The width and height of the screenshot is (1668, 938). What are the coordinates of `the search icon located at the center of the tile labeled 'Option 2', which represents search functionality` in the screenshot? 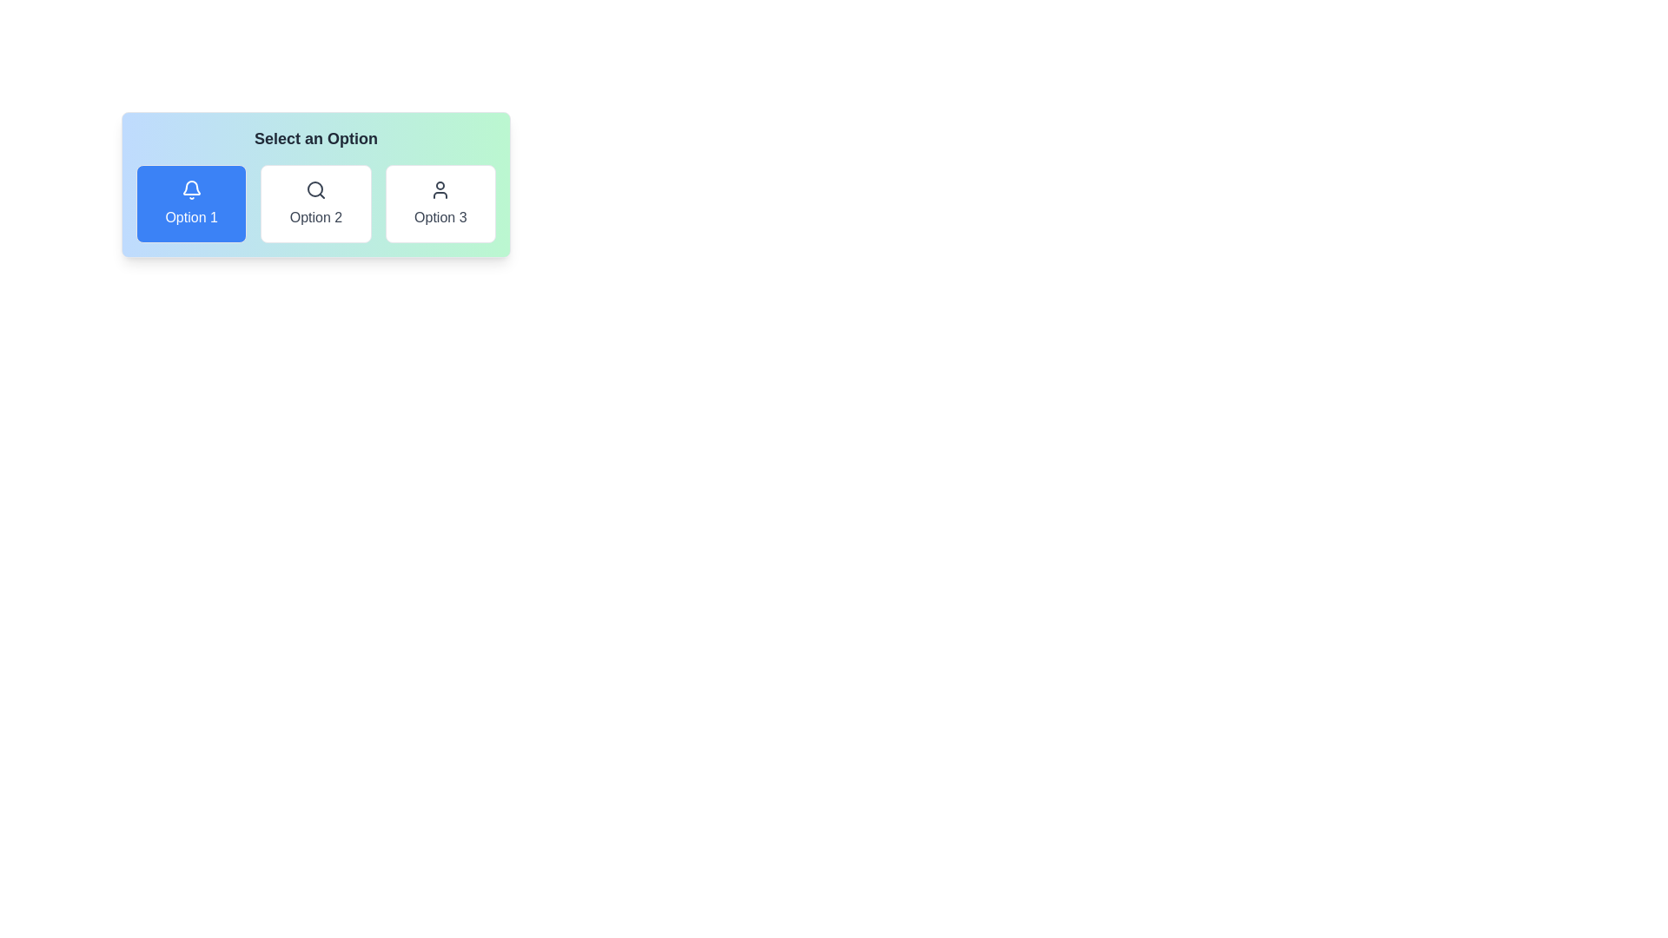 It's located at (316, 190).